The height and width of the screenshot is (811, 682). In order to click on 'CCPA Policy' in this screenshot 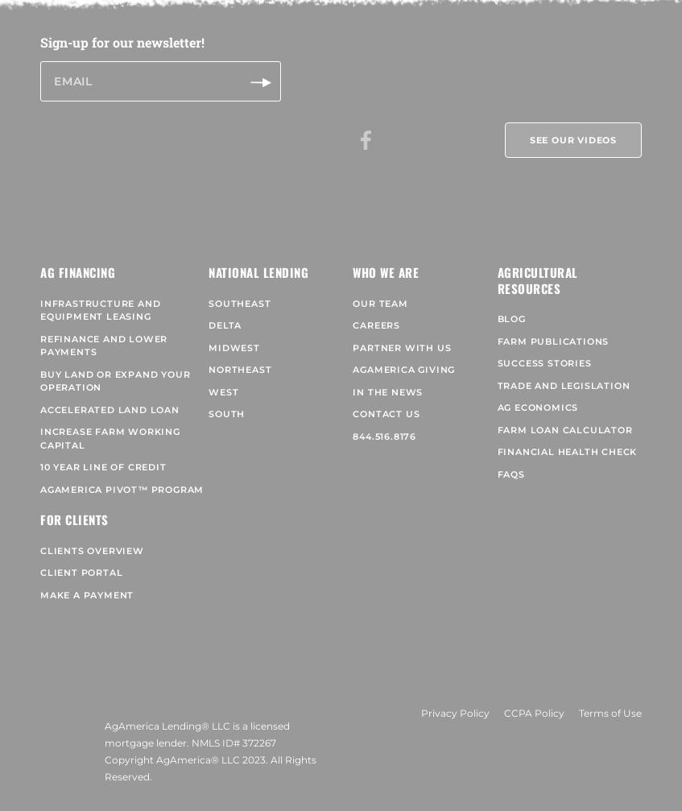, I will do `click(533, 702)`.